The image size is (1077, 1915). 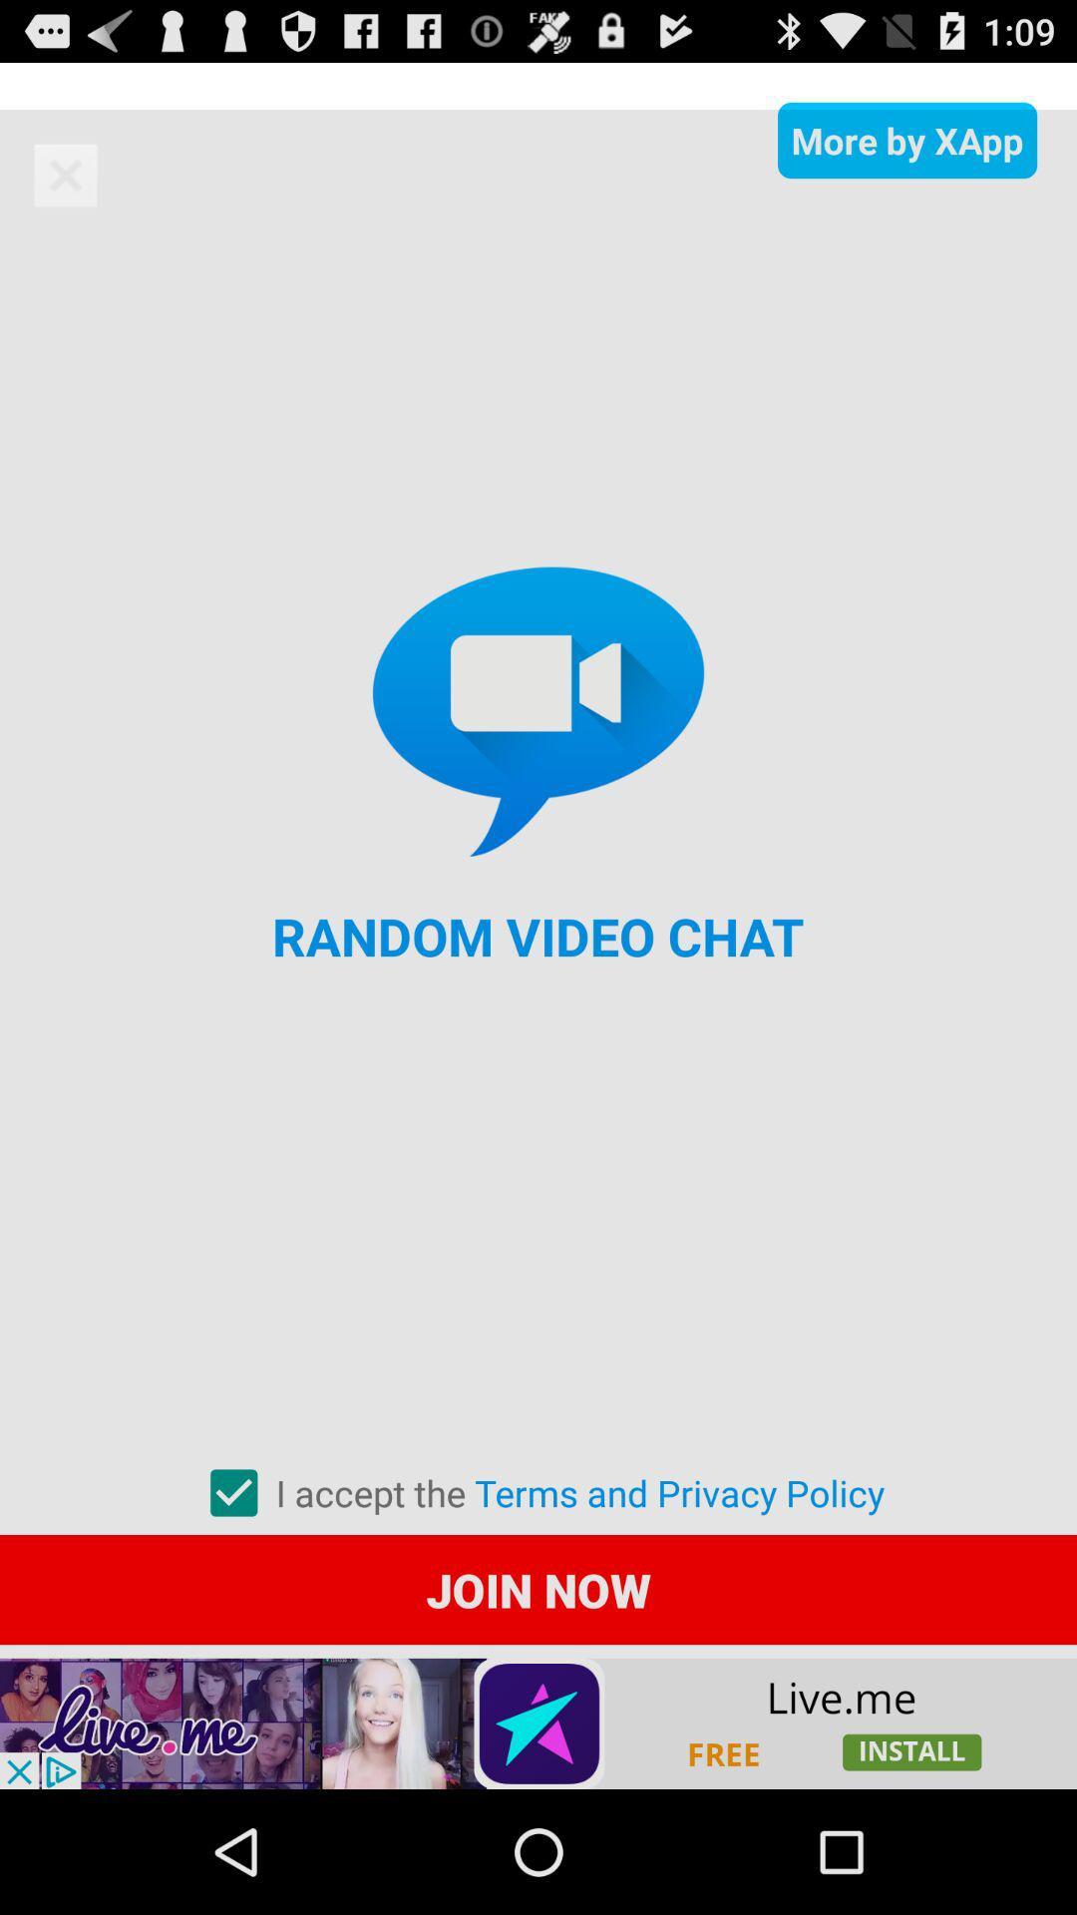 What do you see at coordinates (232, 1493) in the screenshot?
I see `accept terms and conditions` at bounding box center [232, 1493].